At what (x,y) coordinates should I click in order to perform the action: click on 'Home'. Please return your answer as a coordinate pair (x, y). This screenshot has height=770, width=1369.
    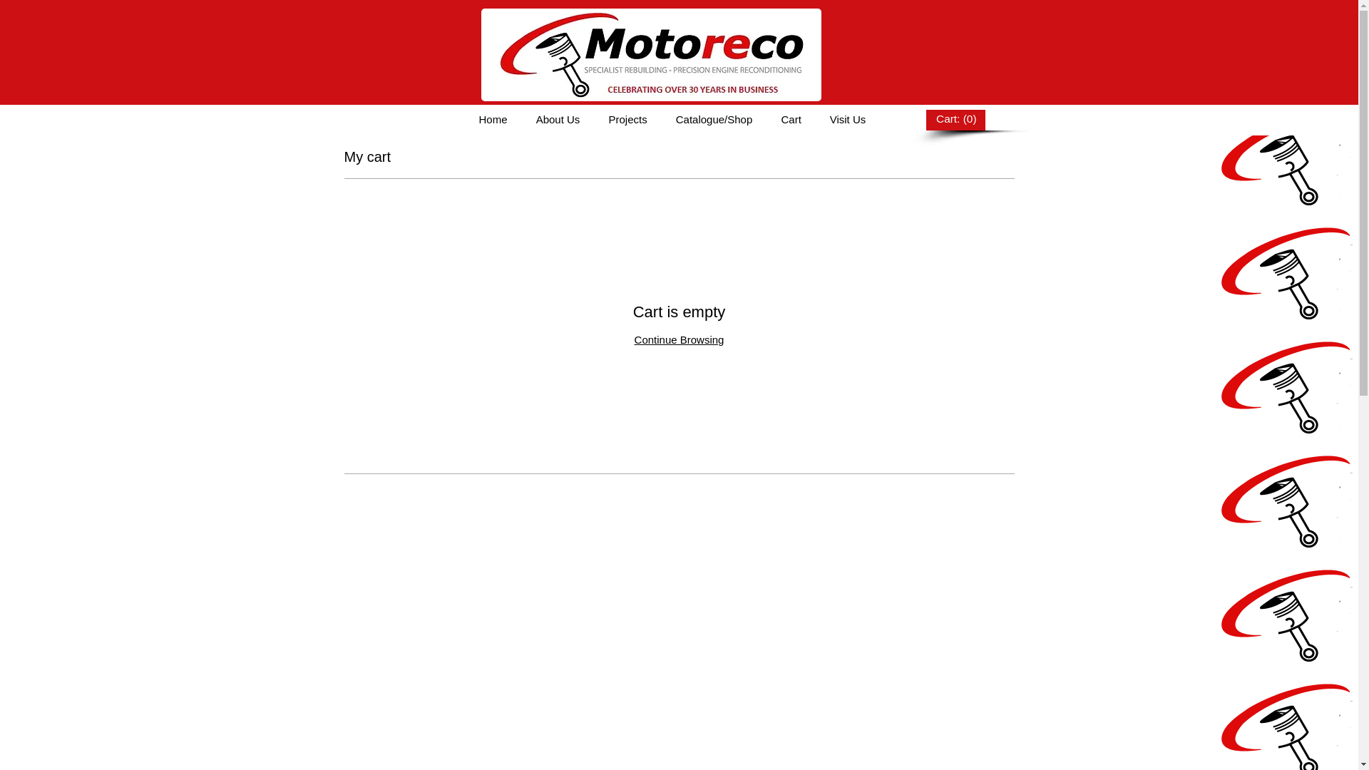
    Looking at the image, I should click on (493, 119).